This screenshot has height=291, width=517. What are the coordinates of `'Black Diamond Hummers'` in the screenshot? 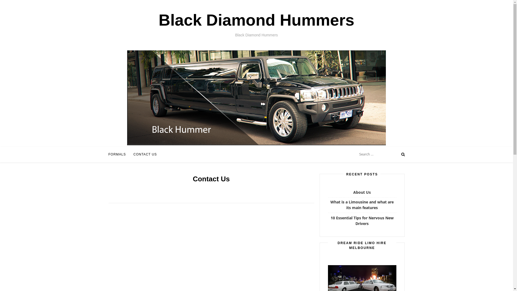 It's located at (256, 20).